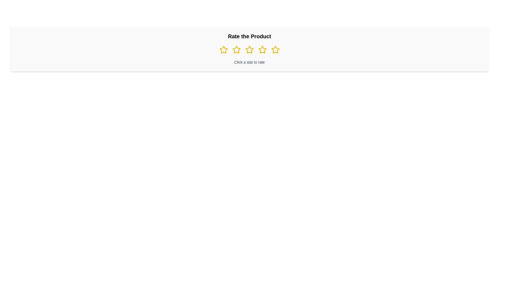 This screenshot has height=291, width=518. I want to click on the fourth star icon in the rating interface, so click(263, 50).